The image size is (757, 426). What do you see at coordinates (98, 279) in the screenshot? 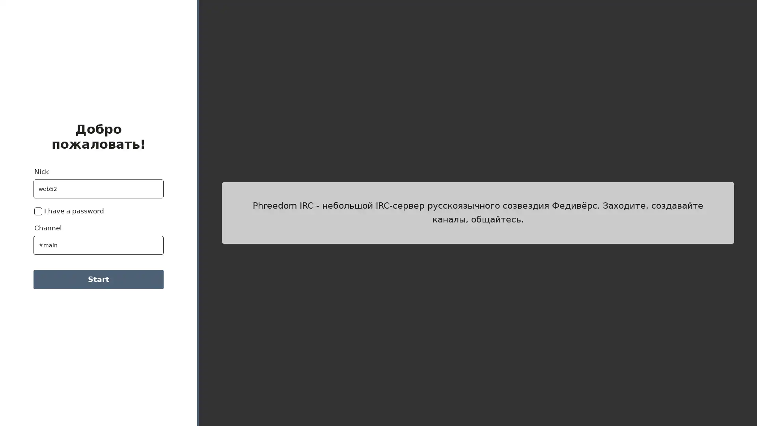
I see `Start` at bounding box center [98, 279].